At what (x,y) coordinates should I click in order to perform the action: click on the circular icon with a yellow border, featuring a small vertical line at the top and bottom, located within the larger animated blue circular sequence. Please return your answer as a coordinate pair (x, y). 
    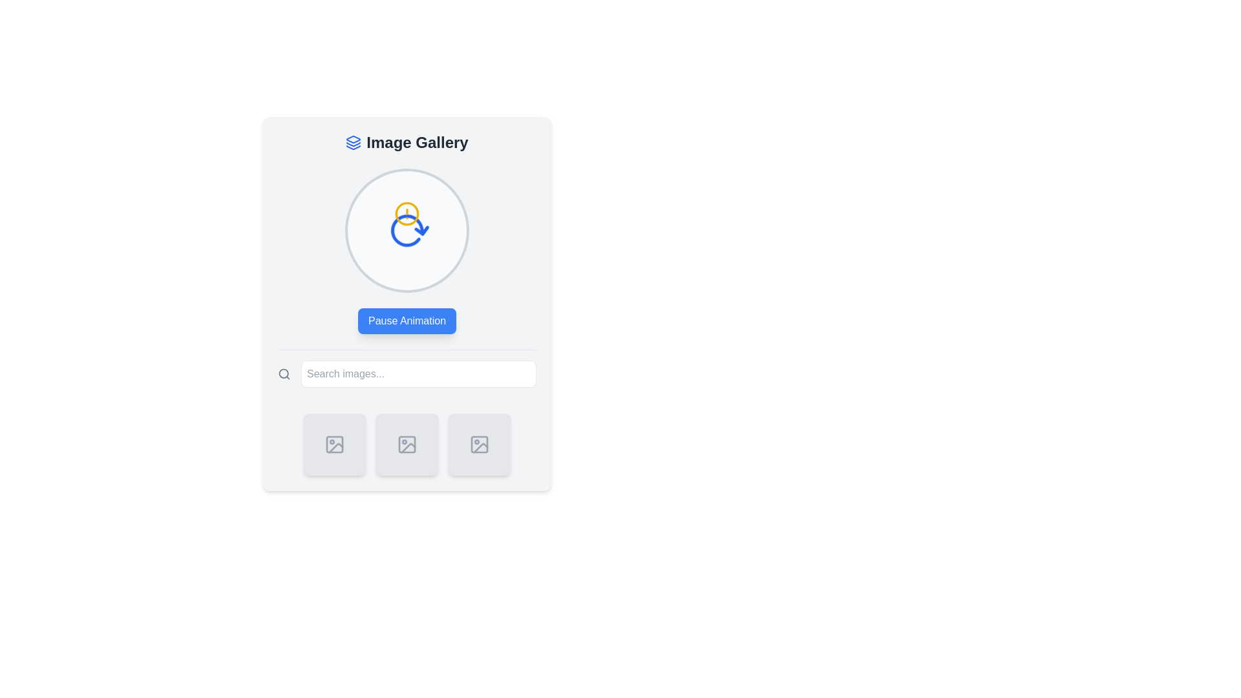
    Looking at the image, I should click on (406, 213).